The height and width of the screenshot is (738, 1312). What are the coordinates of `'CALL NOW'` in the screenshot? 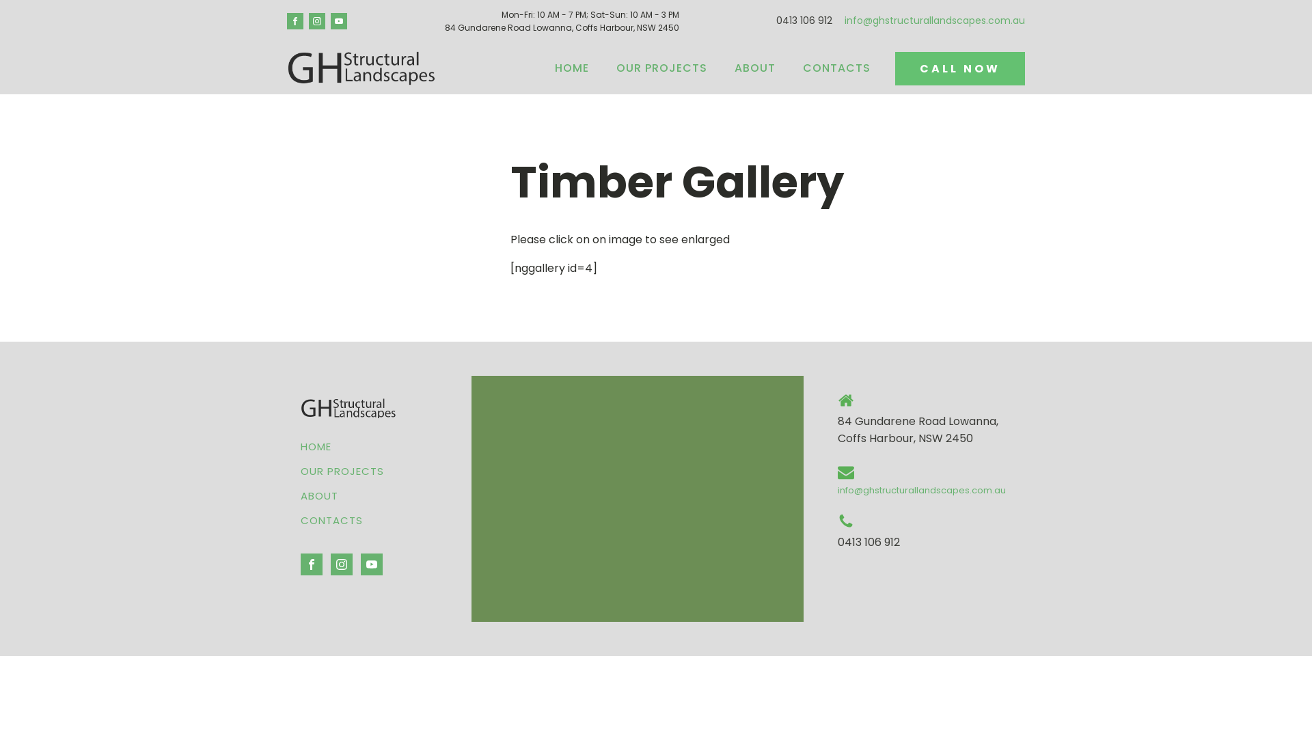 It's located at (895, 68).